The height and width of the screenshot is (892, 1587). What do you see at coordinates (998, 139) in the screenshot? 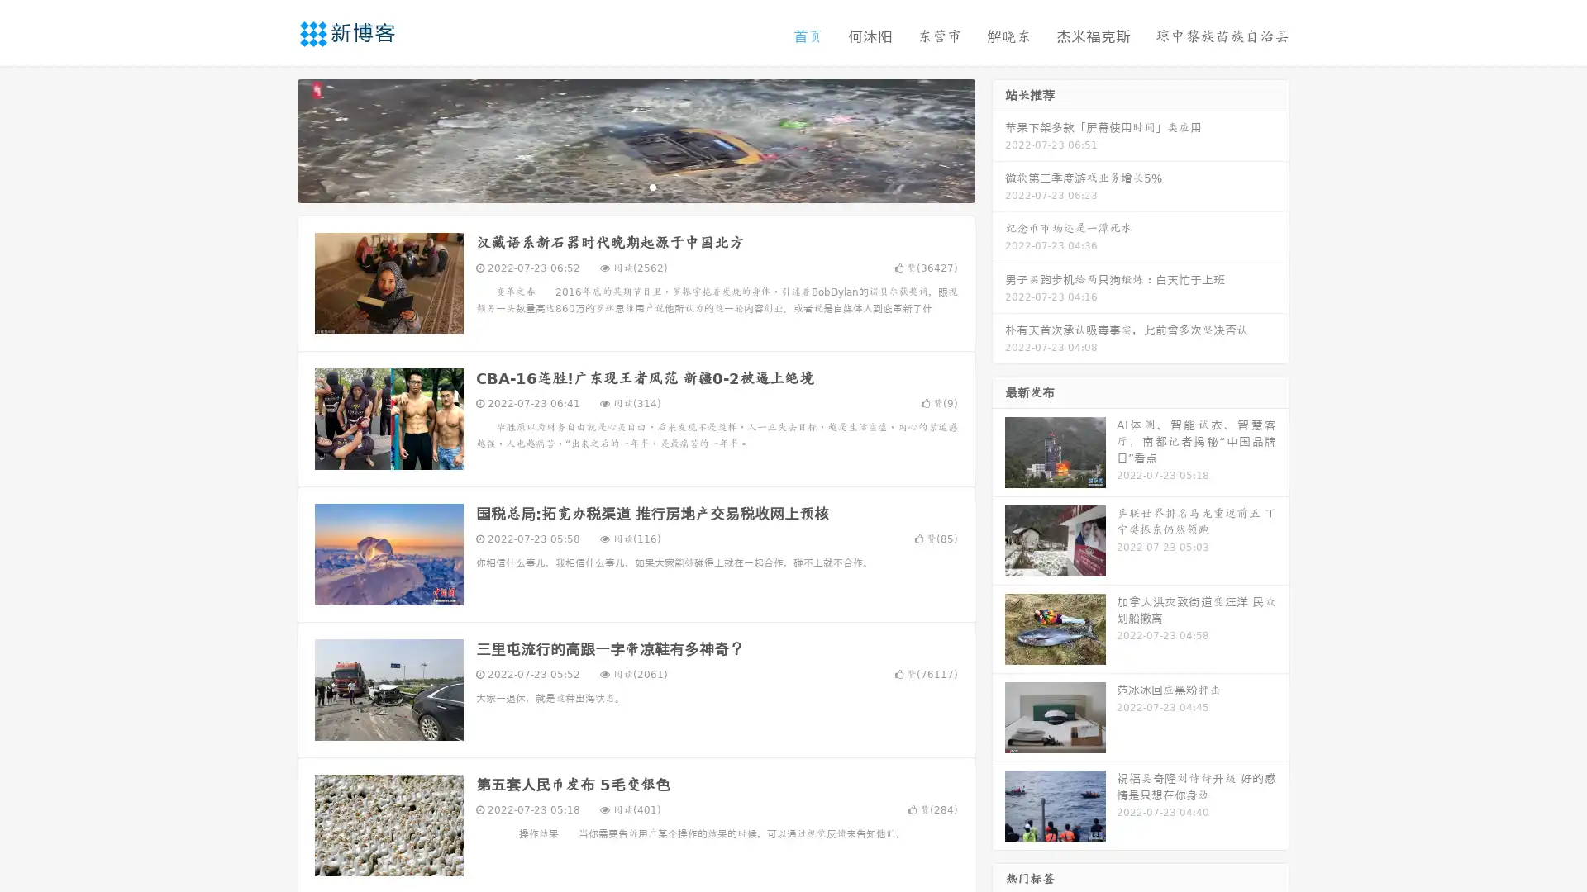
I see `Next slide` at bounding box center [998, 139].